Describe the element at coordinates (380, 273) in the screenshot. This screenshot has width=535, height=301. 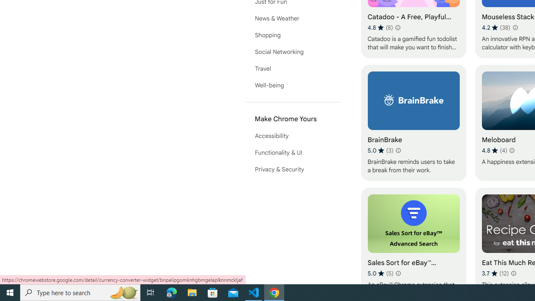
I see `'Average rating 5 out of 5 stars. 5 ratings.'` at that location.